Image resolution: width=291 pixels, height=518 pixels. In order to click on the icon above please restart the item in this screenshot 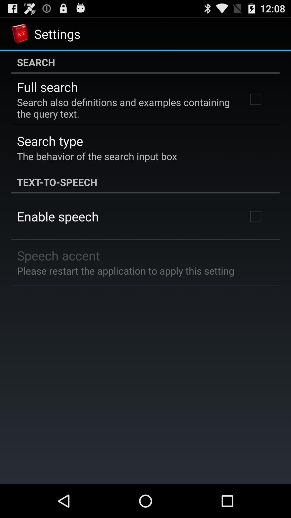, I will do `click(58, 255)`.